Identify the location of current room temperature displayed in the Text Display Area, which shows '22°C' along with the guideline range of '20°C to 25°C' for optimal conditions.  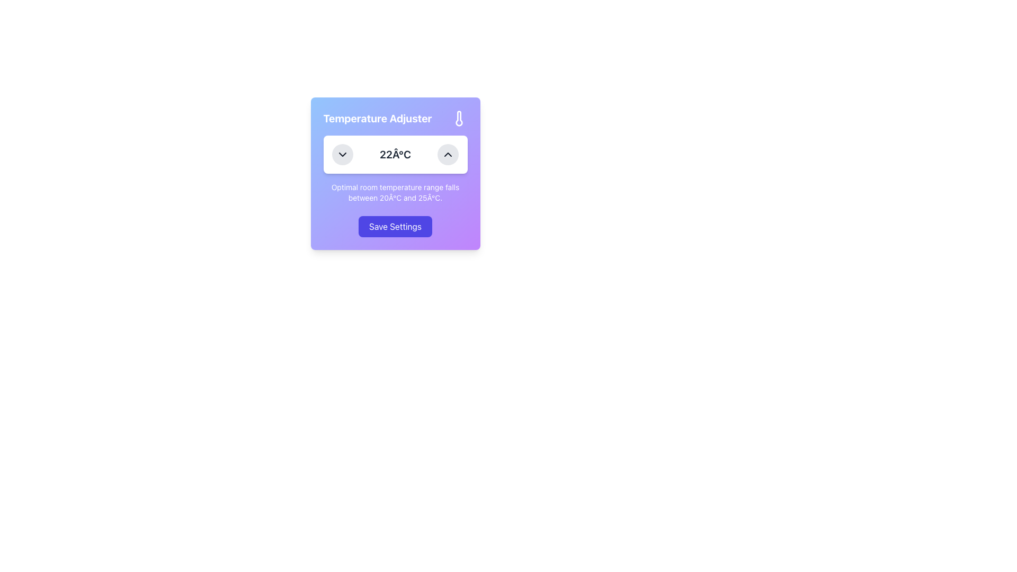
(395, 169).